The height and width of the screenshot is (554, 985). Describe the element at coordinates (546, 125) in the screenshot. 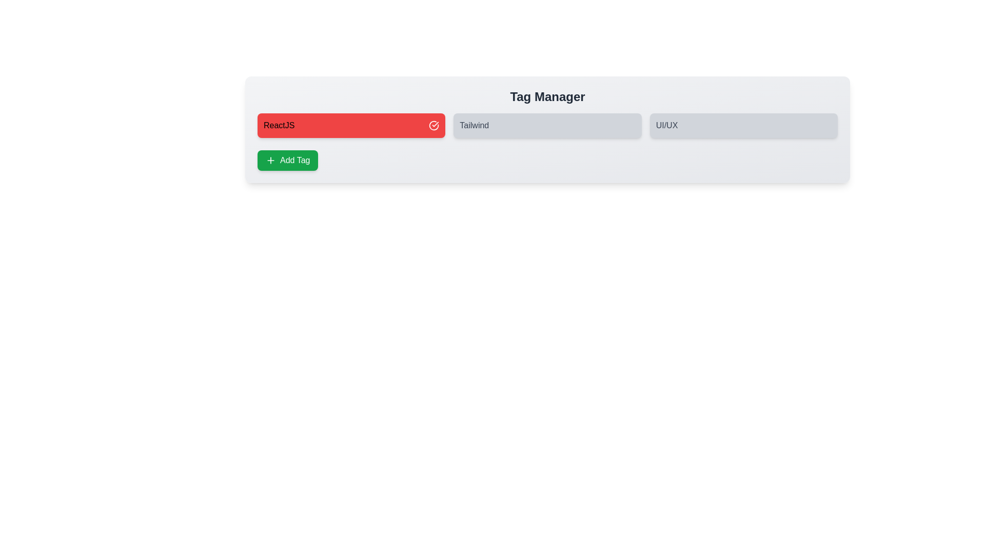

I see `the tag labeled Tailwind to toggle its selection state` at that location.